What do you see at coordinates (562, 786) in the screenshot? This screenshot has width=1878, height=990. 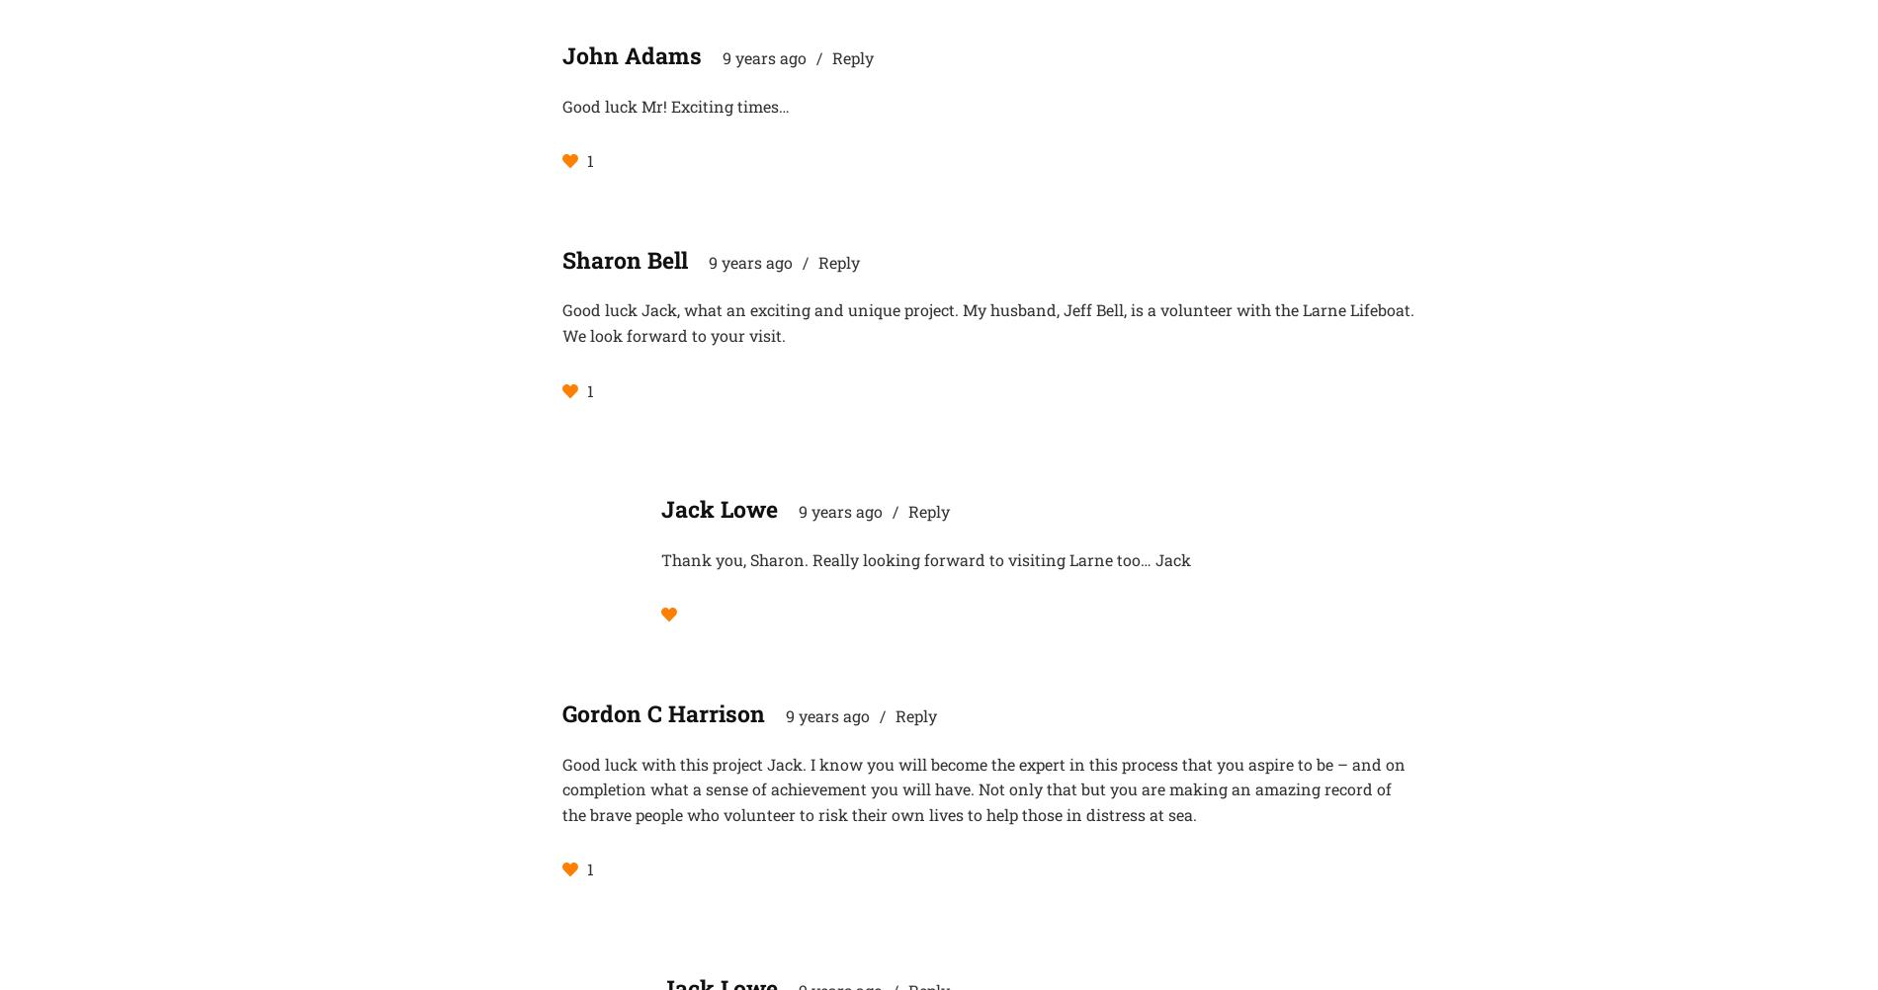 I see `'Good luck with this project Jack. I know you will become the expert in this process that you aspire to be – and on completion what a sense of achievement you will have. Not only that but you are making an amazing record of the brave people who volunteer to risk their own lives to help those in distress at sea.'` at bounding box center [562, 786].